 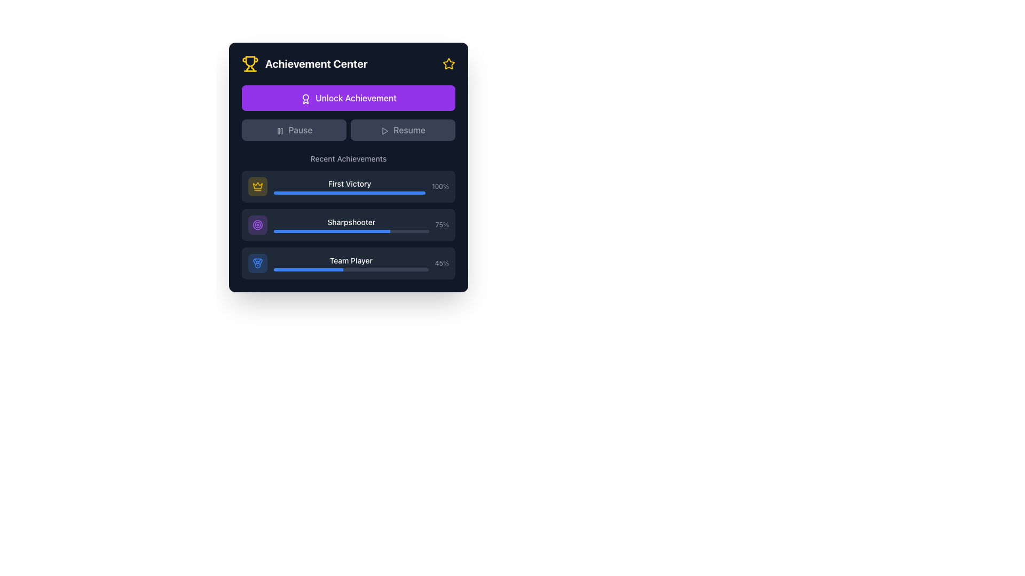 I want to click on the main body of the trophy icon, which is positioned to the left of the 'Achievement Center' heading, so click(x=250, y=61).